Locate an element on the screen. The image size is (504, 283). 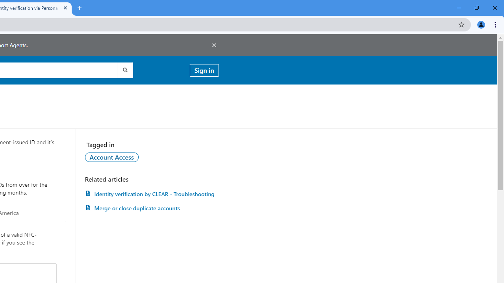
'Account Access' is located at coordinates (111, 157).